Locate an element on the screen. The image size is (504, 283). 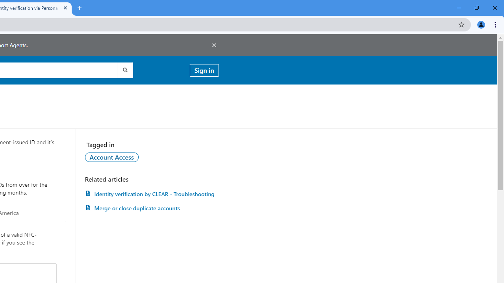
'Account Access' is located at coordinates (111, 157).